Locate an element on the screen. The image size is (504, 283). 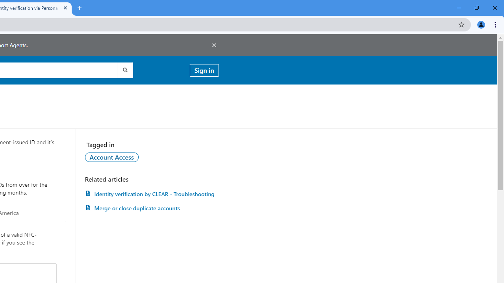
'Account Access' is located at coordinates (111, 157).